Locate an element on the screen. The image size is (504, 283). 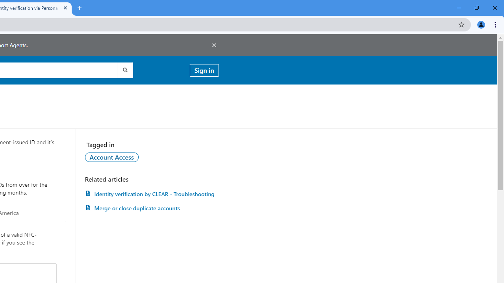
'Account Access' is located at coordinates (111, 157).